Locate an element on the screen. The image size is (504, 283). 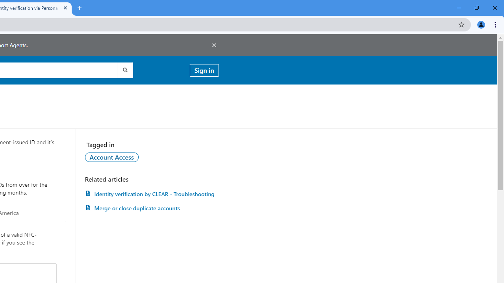
'Account Access' is located at coordinates (111, 157).